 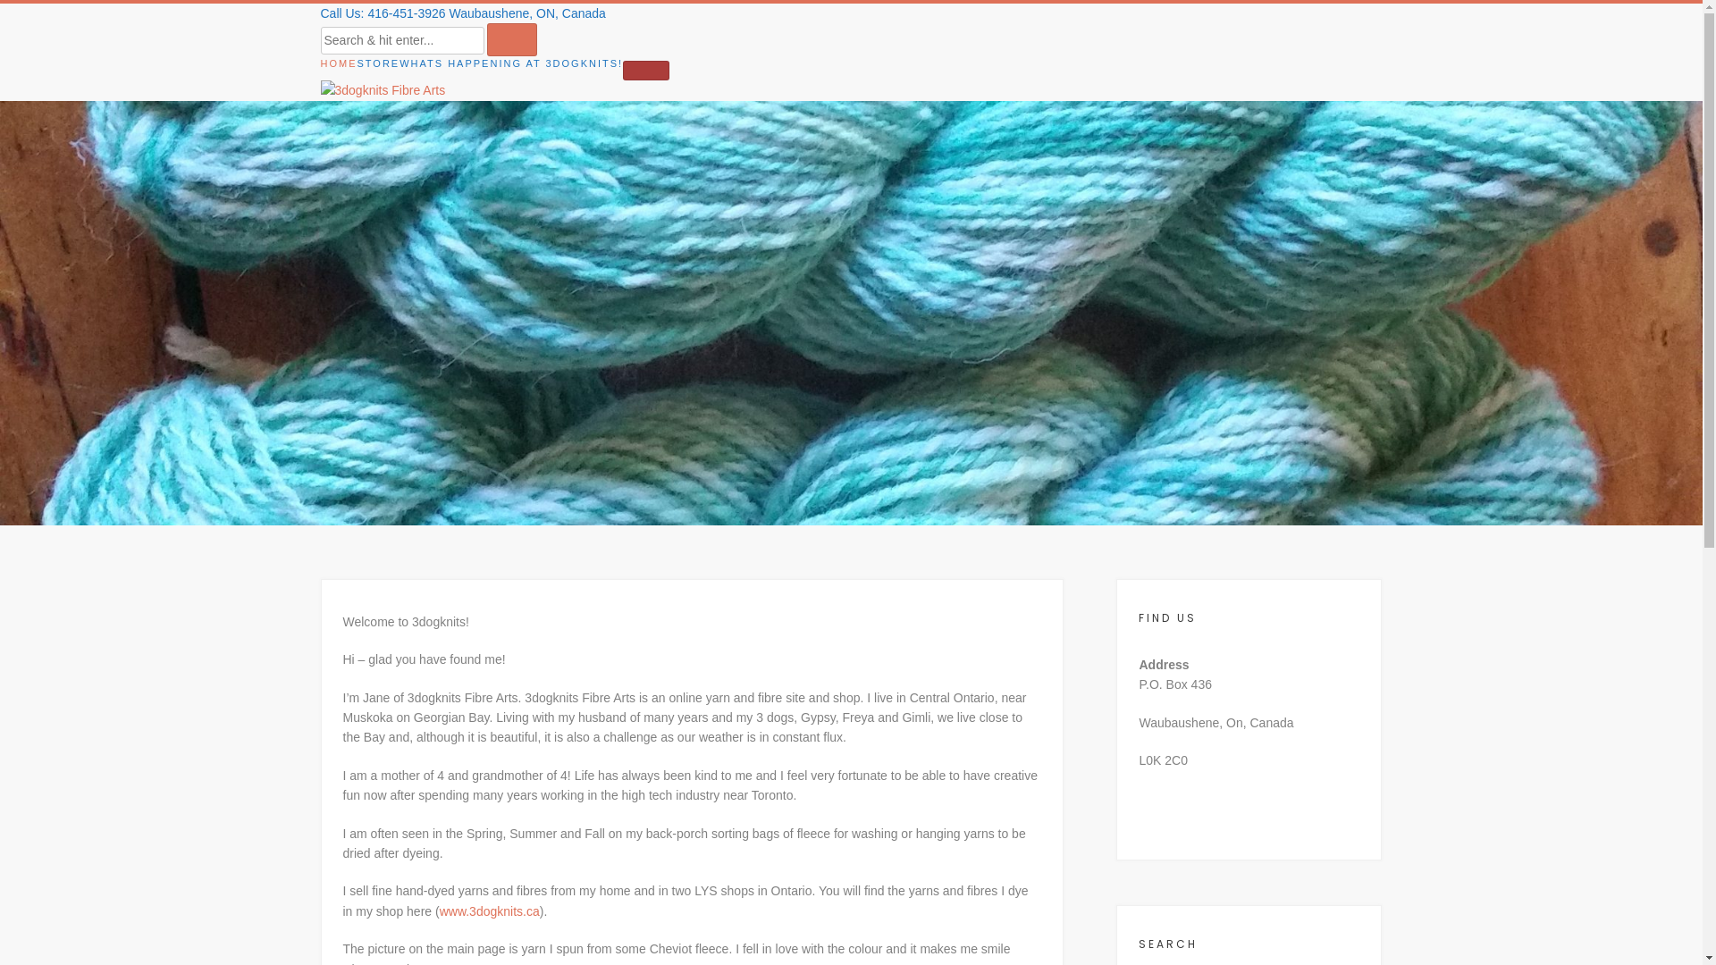 What do you see at coordinates (338, 63) in the screenshot?
I see `'HOME'` at bounding box center [338, 63].